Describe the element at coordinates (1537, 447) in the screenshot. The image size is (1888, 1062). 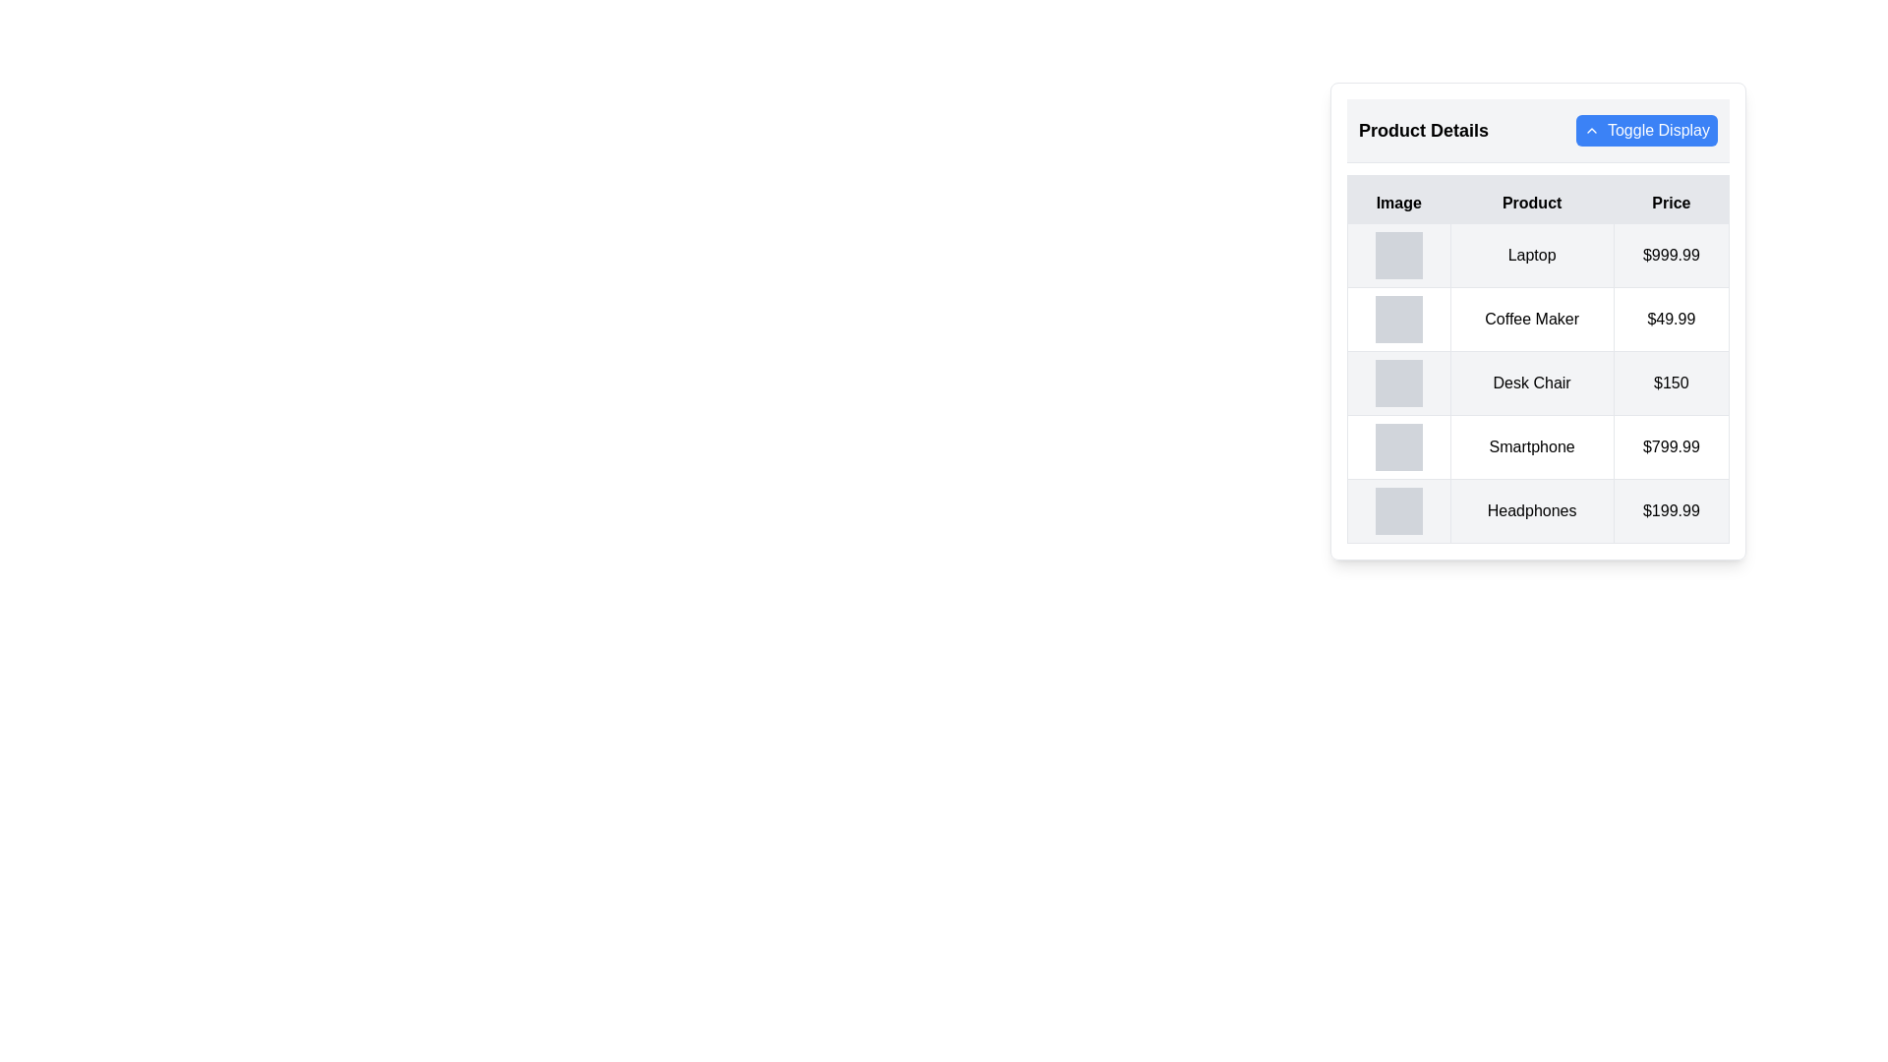
I see `the row containing the text 'Smartphone $799.99' in the table` at that location.